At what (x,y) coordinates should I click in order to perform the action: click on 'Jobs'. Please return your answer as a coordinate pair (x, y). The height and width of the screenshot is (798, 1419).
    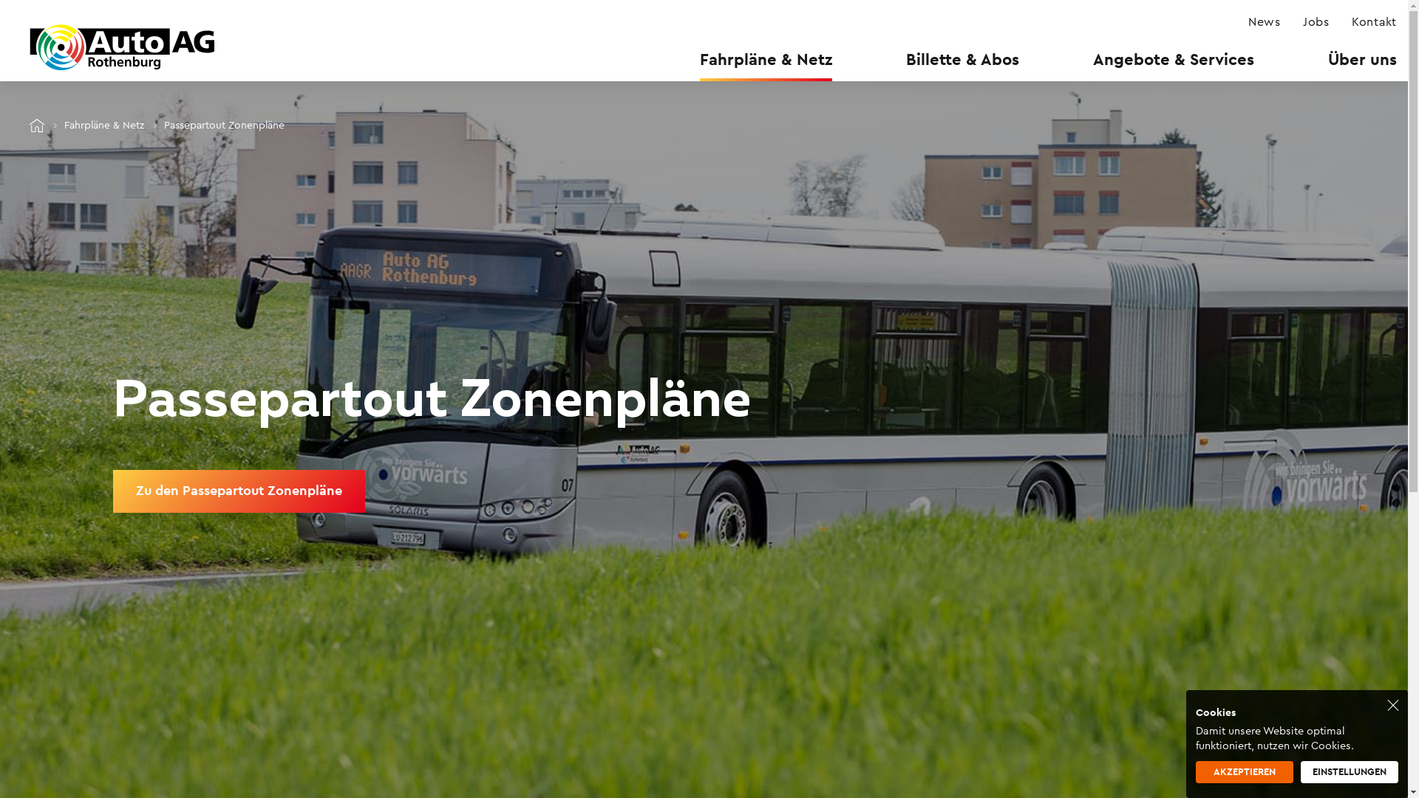
    Looking at the image, I should click on (1316, 22).